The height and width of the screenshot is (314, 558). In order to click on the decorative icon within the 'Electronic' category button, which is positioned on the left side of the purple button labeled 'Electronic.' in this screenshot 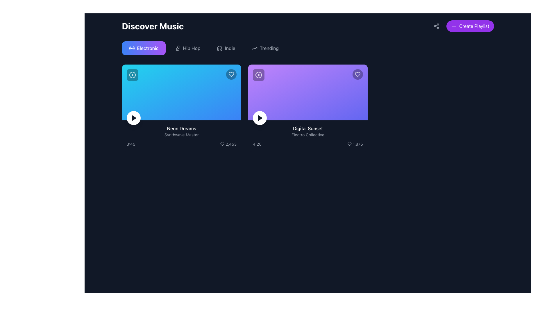, I will do `click(131, 48)`.